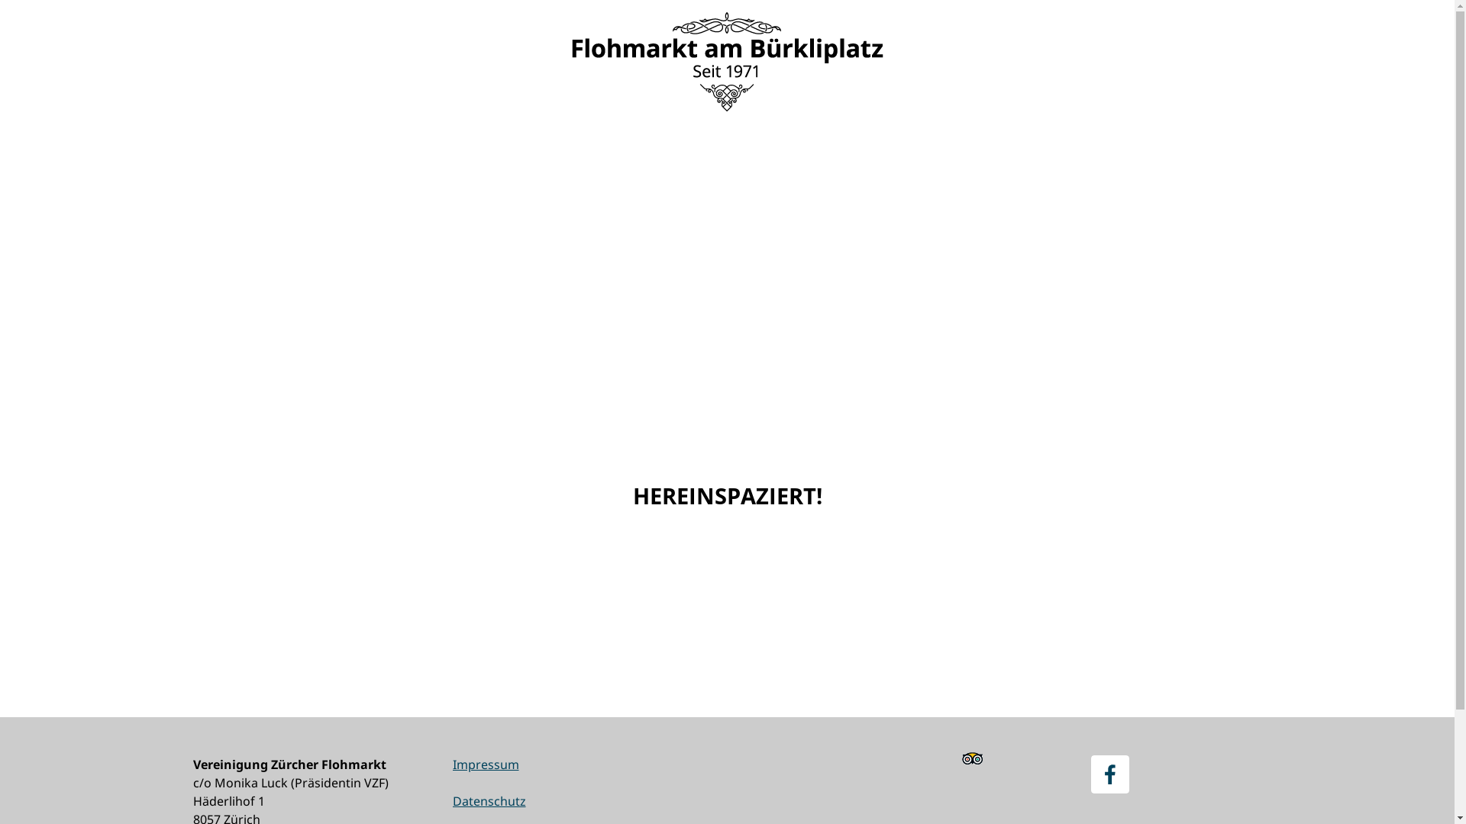  What do you see at coordinates (484, 764) in the screenshot?
I see `'Impressum'` at bounding box center [484, 764].